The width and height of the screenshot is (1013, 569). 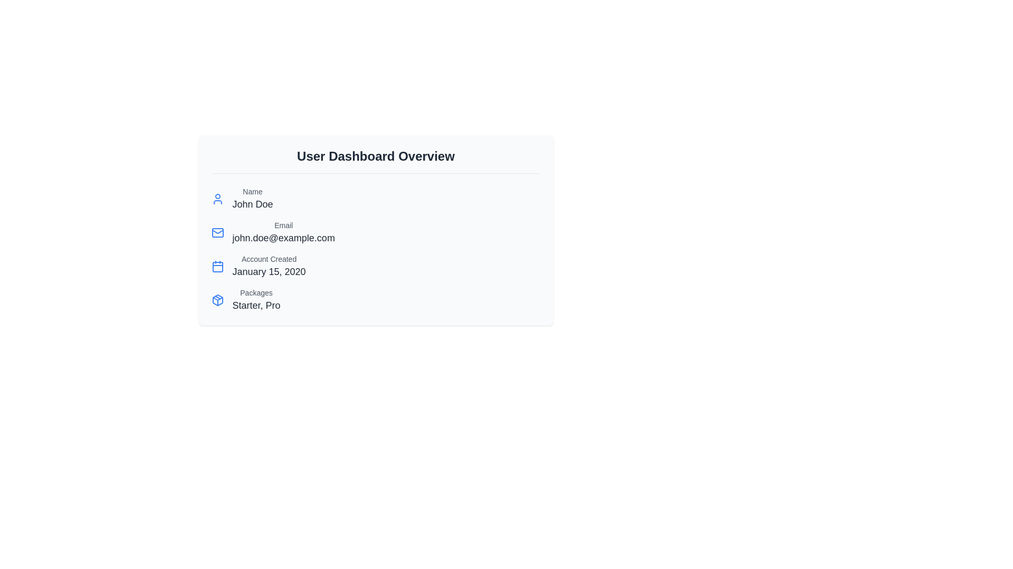 What do you see at coordinates (283, 238) in the screenshot?
I see `the text label displaying the user's email address, which is located within the 'Email' field of the user dashboard interface, directly below the 'Email' label` at bounding box center [283, 238].